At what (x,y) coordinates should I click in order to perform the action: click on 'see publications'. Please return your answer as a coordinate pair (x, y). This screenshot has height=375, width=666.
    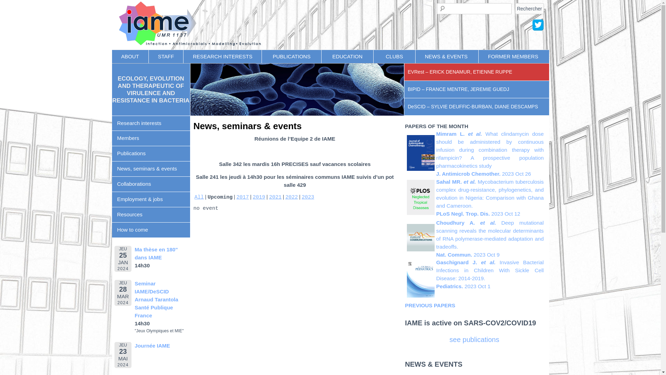
    Looking at the image, I should click on (474, 339).